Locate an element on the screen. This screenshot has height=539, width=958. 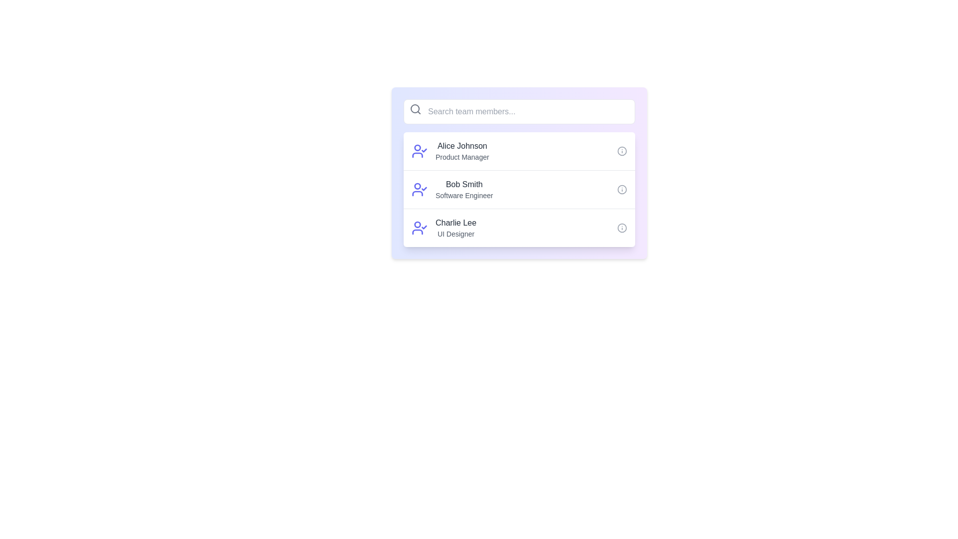
the circular outline icon resembling an information symbol next to 'Charlie Lee' in the user profiles list is located at coordinates (622, 228).